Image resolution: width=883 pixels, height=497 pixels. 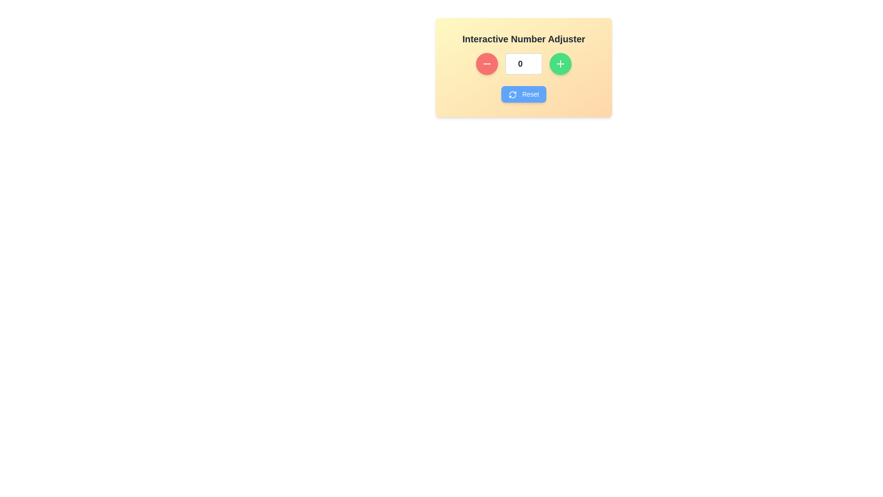 I want to click on the blue rectangular button with rounded corners labeled 'Reset', so click(x=523, y=94).